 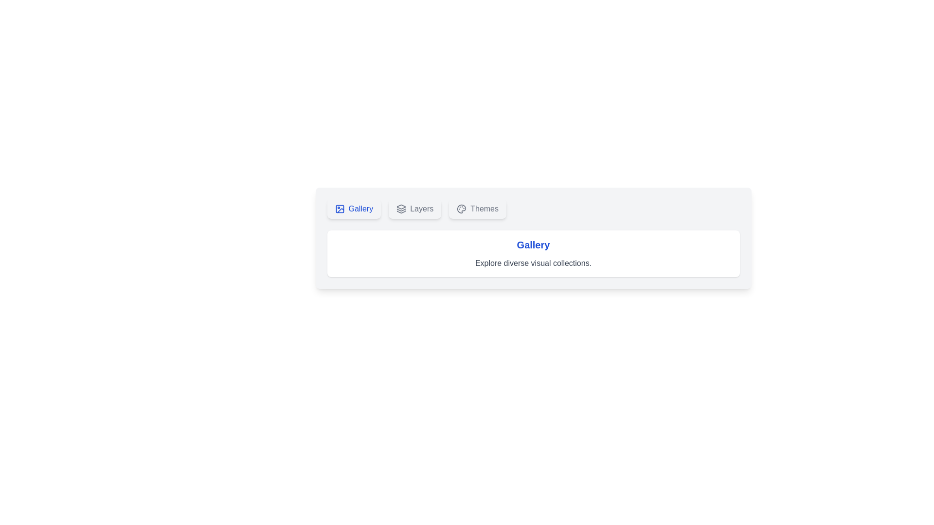 I want to click on the tab labeled 'Layers' and observe its icon and label, so click(x=415, y=208).